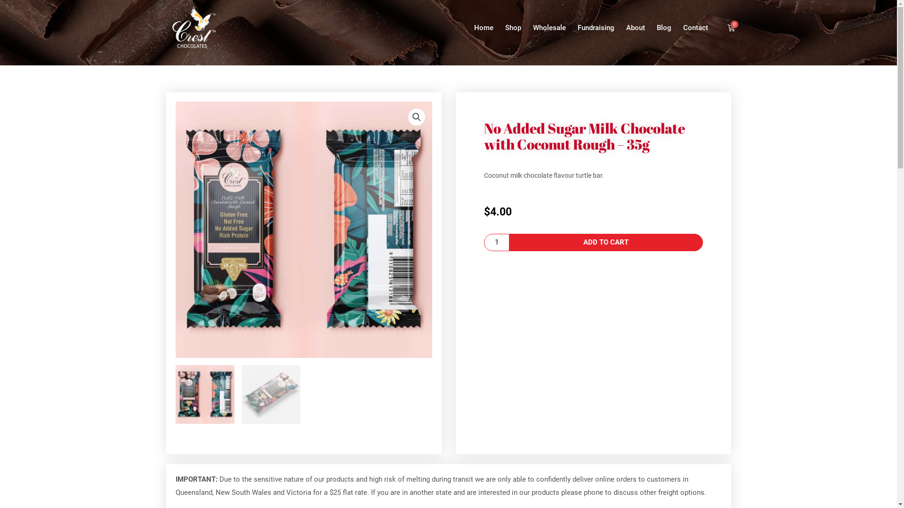 The height and width of the screenshot is (508, 904). I want to click on 'Home', so click(483, 27).